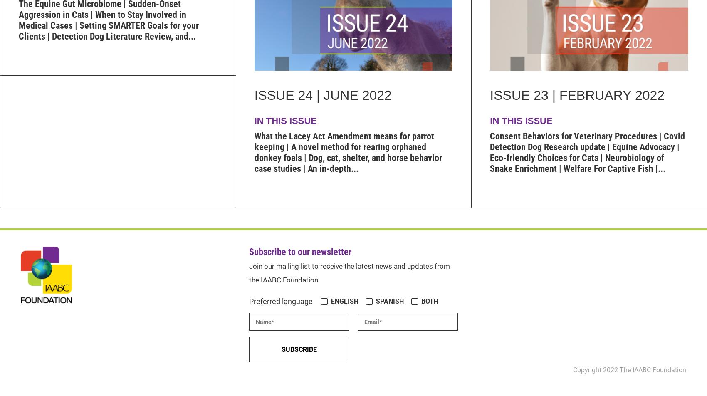 This screenshot has height=396, width=707. Describe the element at coordinates (629, 370) in the screenshot. I see `'Copyright 2022 The IAABC Foundation'` at that location.